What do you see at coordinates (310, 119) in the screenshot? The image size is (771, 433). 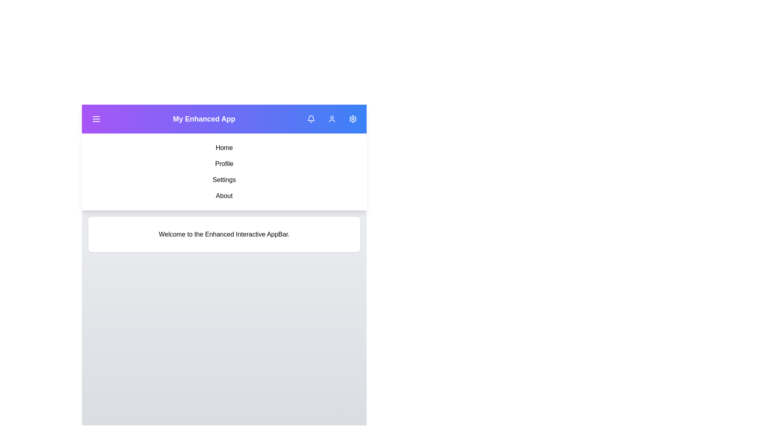 I see `the Bell button in the top-right corner of the app bar` at bounding box center [310, 119].